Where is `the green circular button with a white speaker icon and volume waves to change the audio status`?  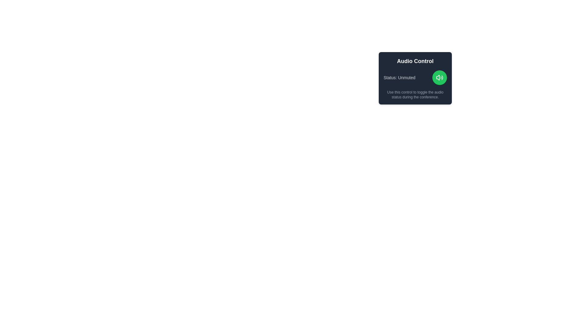
the green circular button with a white speaker icon and volume waves to change the audio status is located at coordinates (440, 77).